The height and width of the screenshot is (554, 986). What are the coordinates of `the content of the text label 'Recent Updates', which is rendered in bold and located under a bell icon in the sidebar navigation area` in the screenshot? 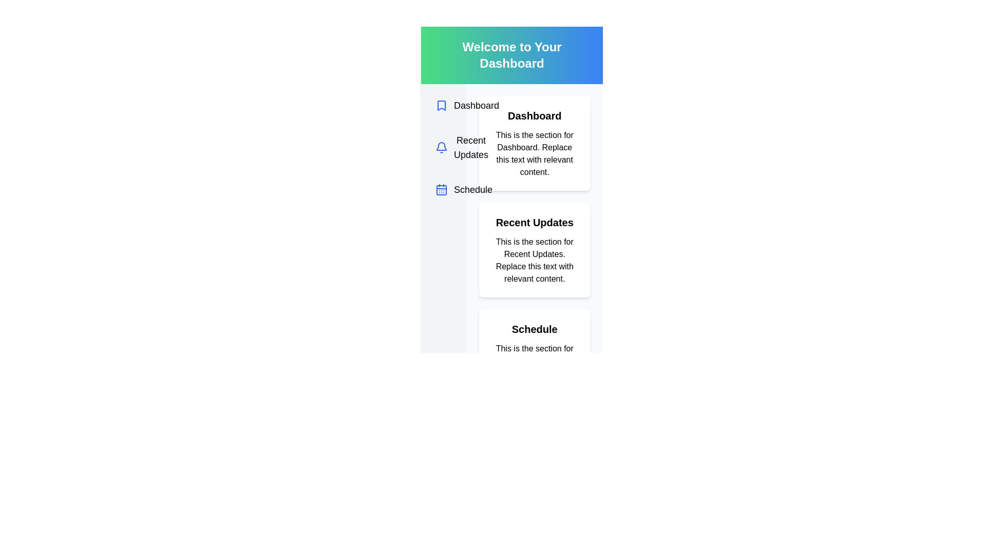 It's located at (470, 148).